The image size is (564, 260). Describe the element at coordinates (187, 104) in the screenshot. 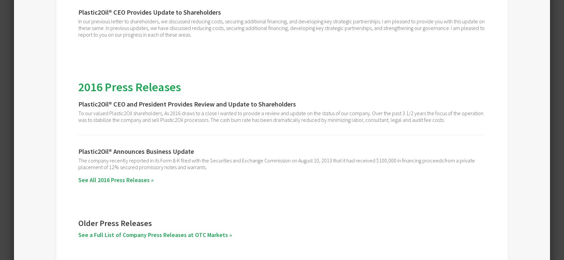

I see `'Plastic2Oil® CEO and President Provides Review and Update to Shareholders'` at that location.